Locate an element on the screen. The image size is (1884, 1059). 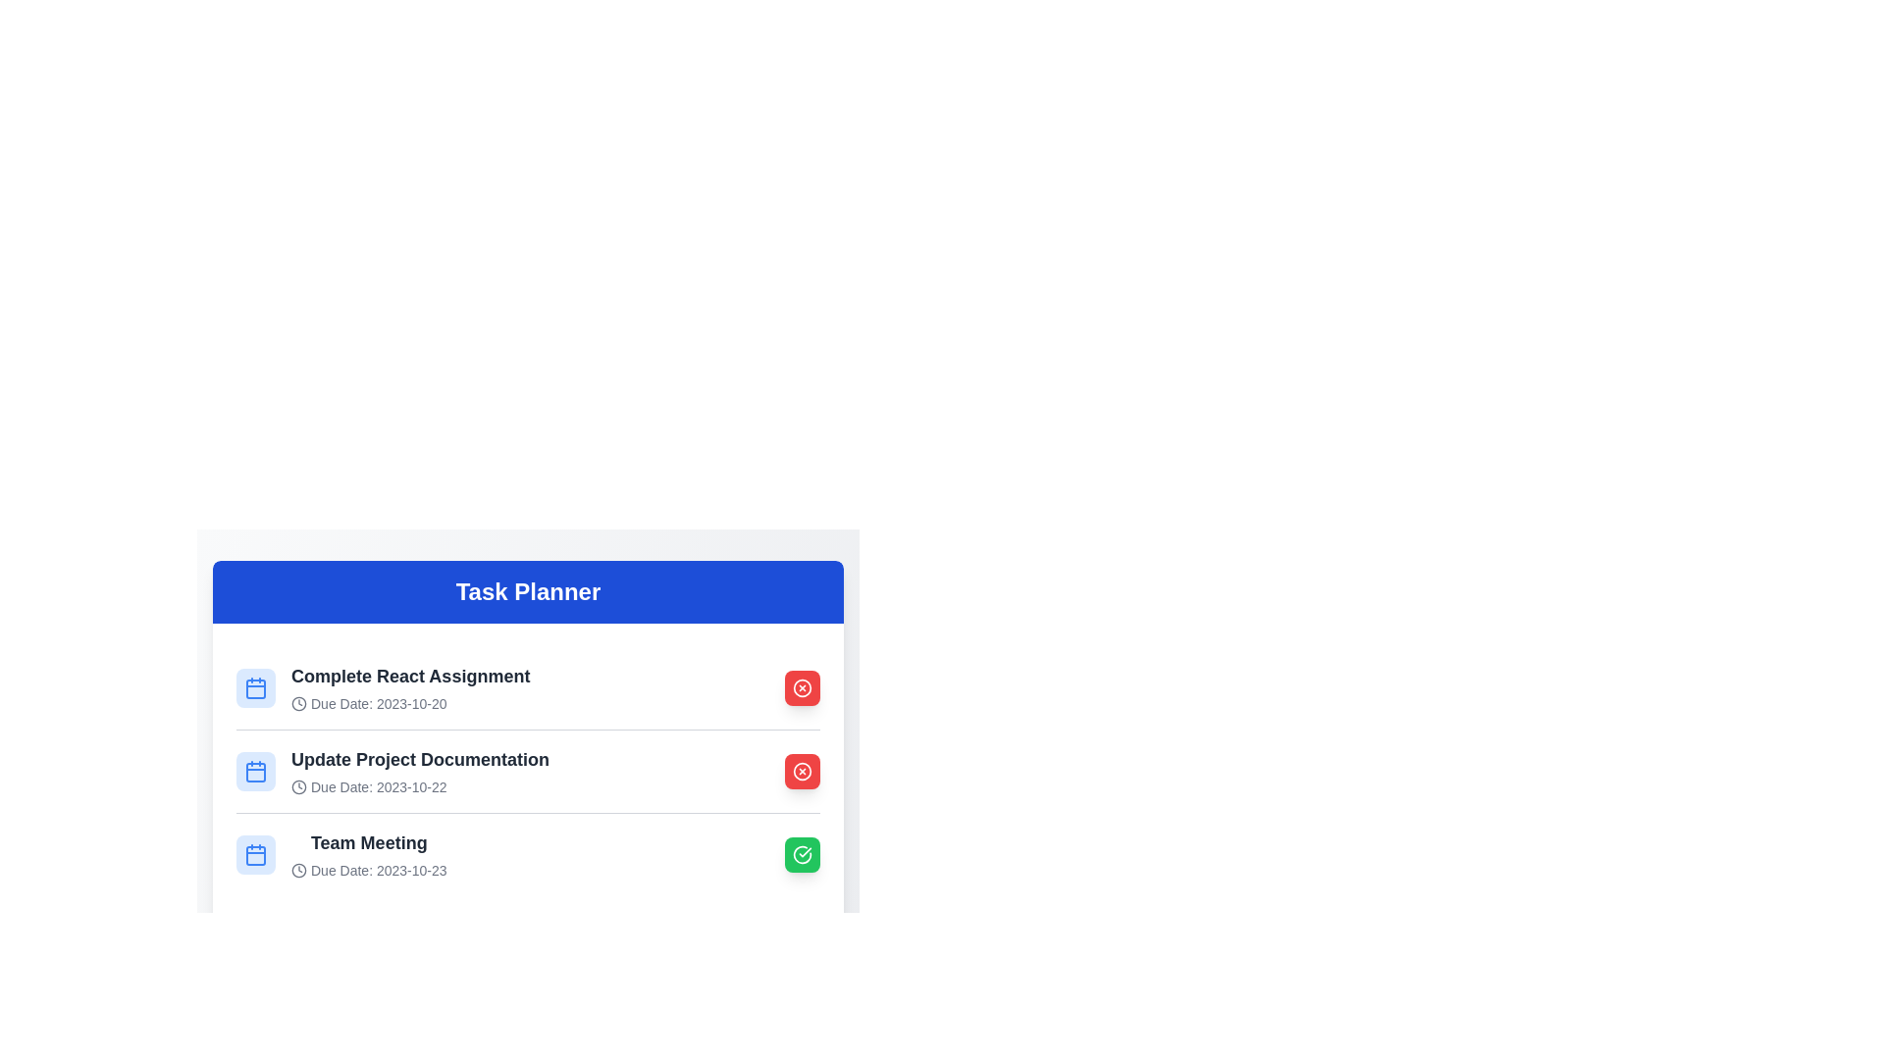
the text display element showing the task title 'Complete React Assignment' and its due date 'Due Date: 2023-10-20', which includes a clock icon to the left is located at coordinates (409, 687).